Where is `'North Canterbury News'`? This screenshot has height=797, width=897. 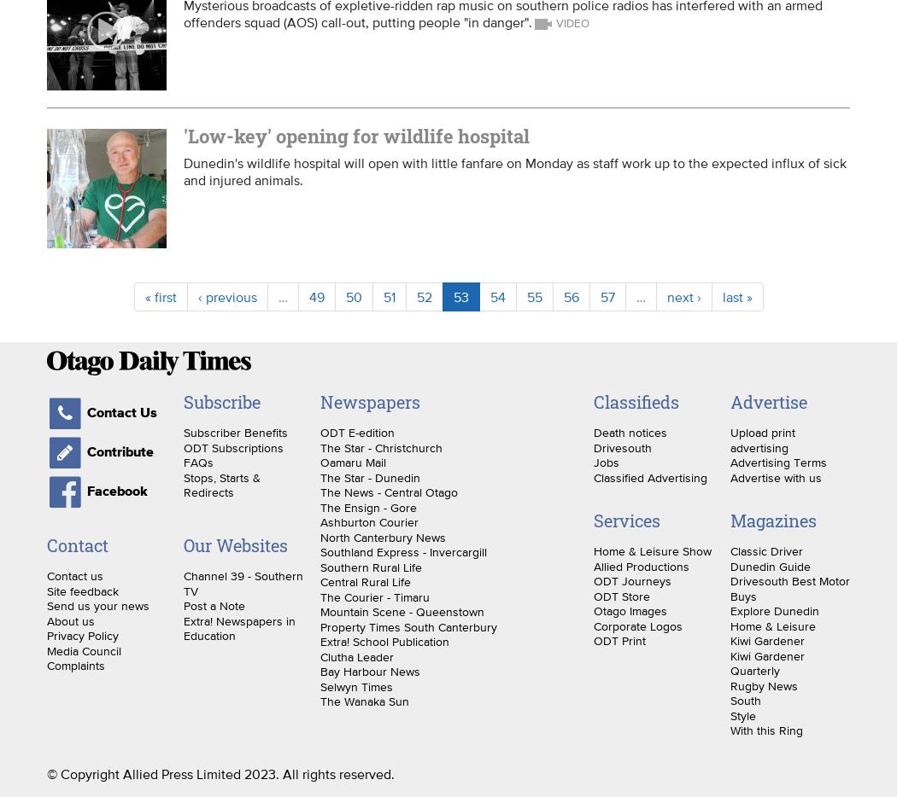
'North Canterbury News' is located at coordinates (381, 536).